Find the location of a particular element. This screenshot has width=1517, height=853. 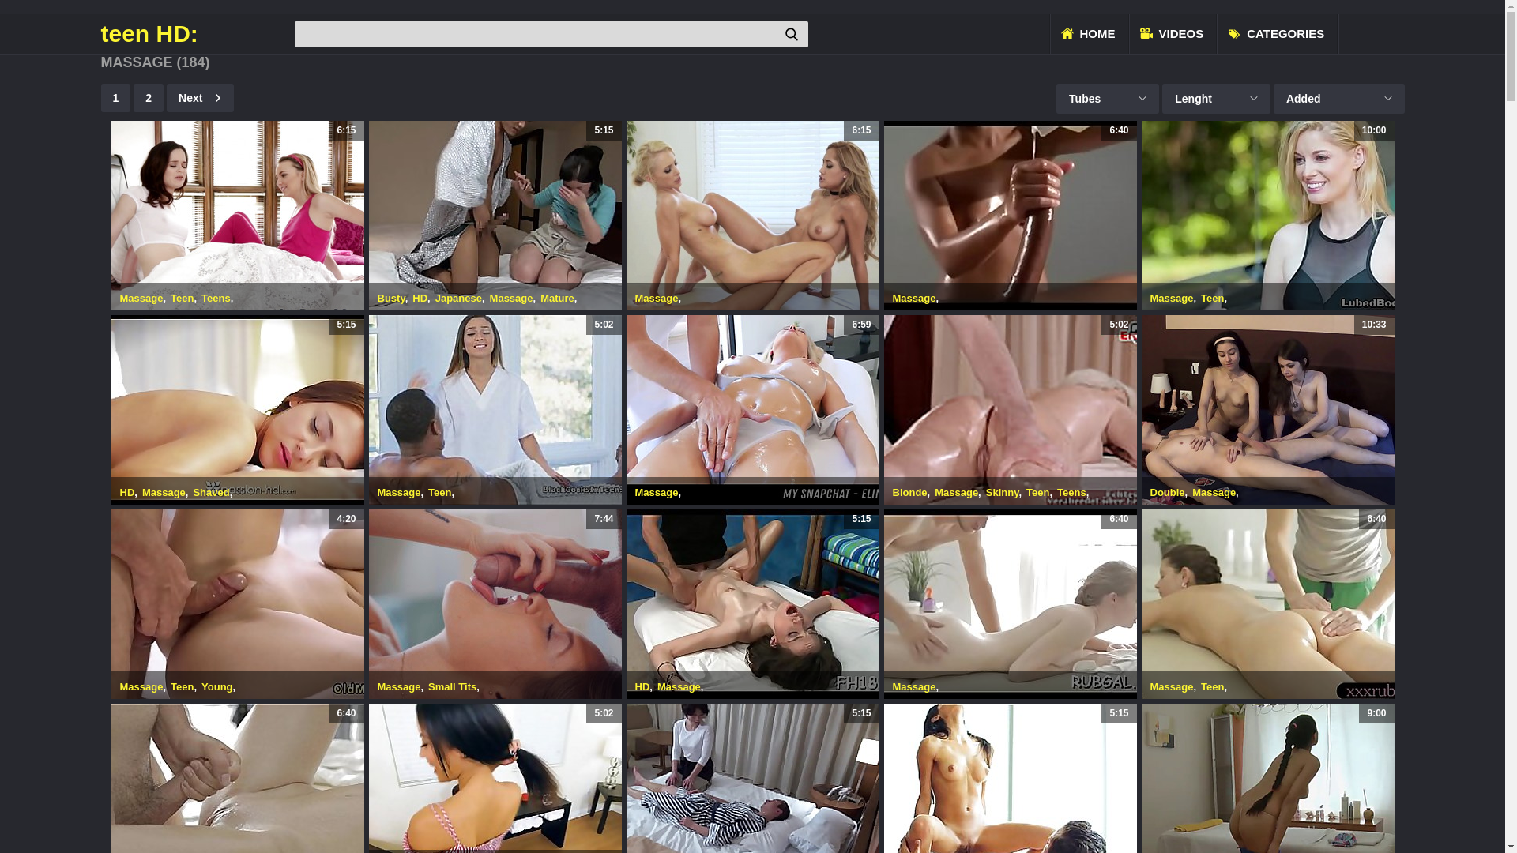

'5:15' is located at coordinates (493, 216).